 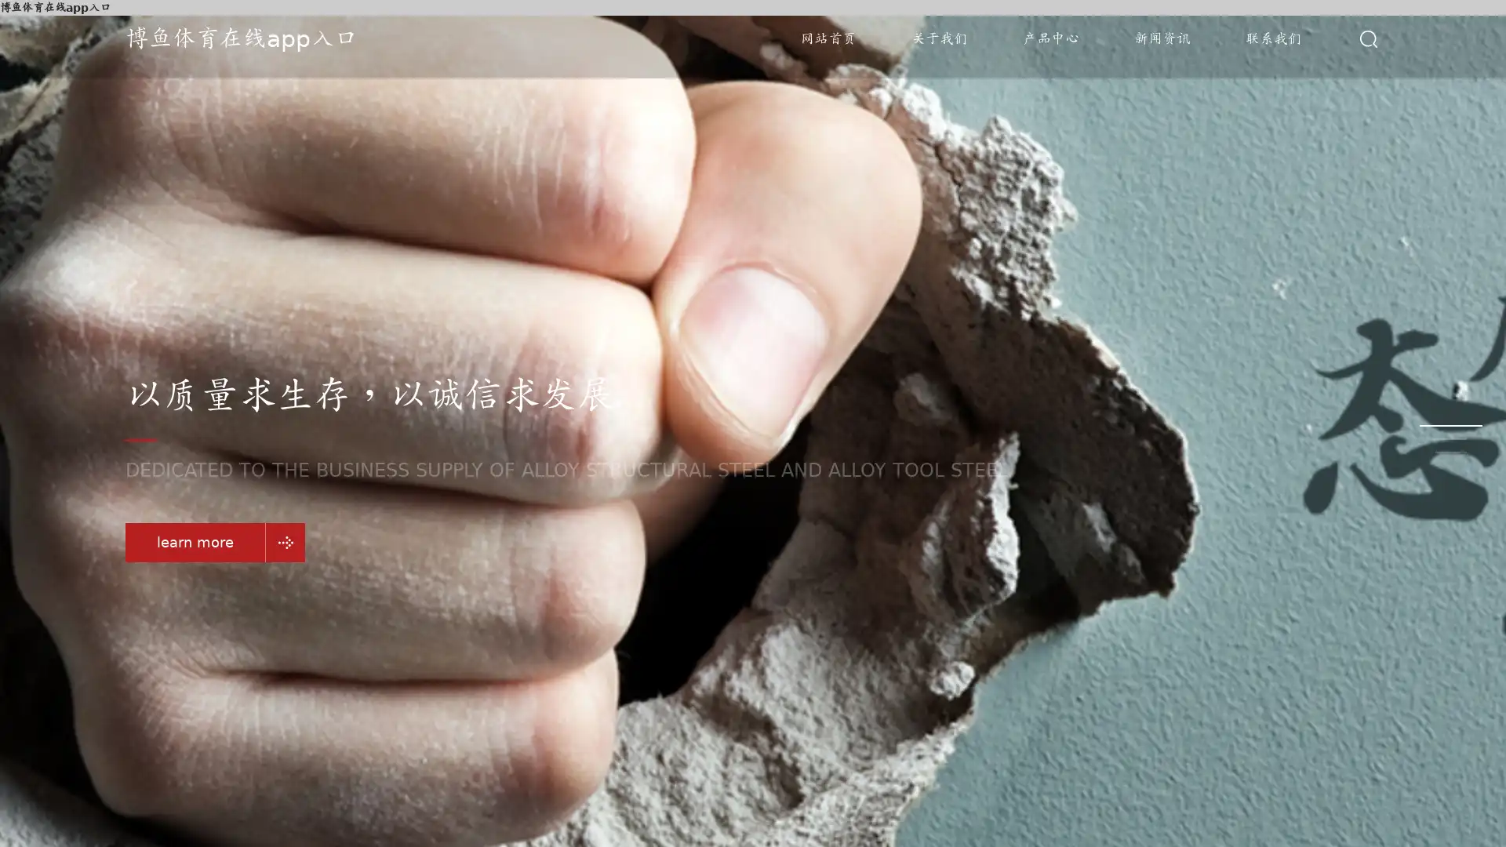 I want to click on Go to slide 1, so click(x=1450, y=426).